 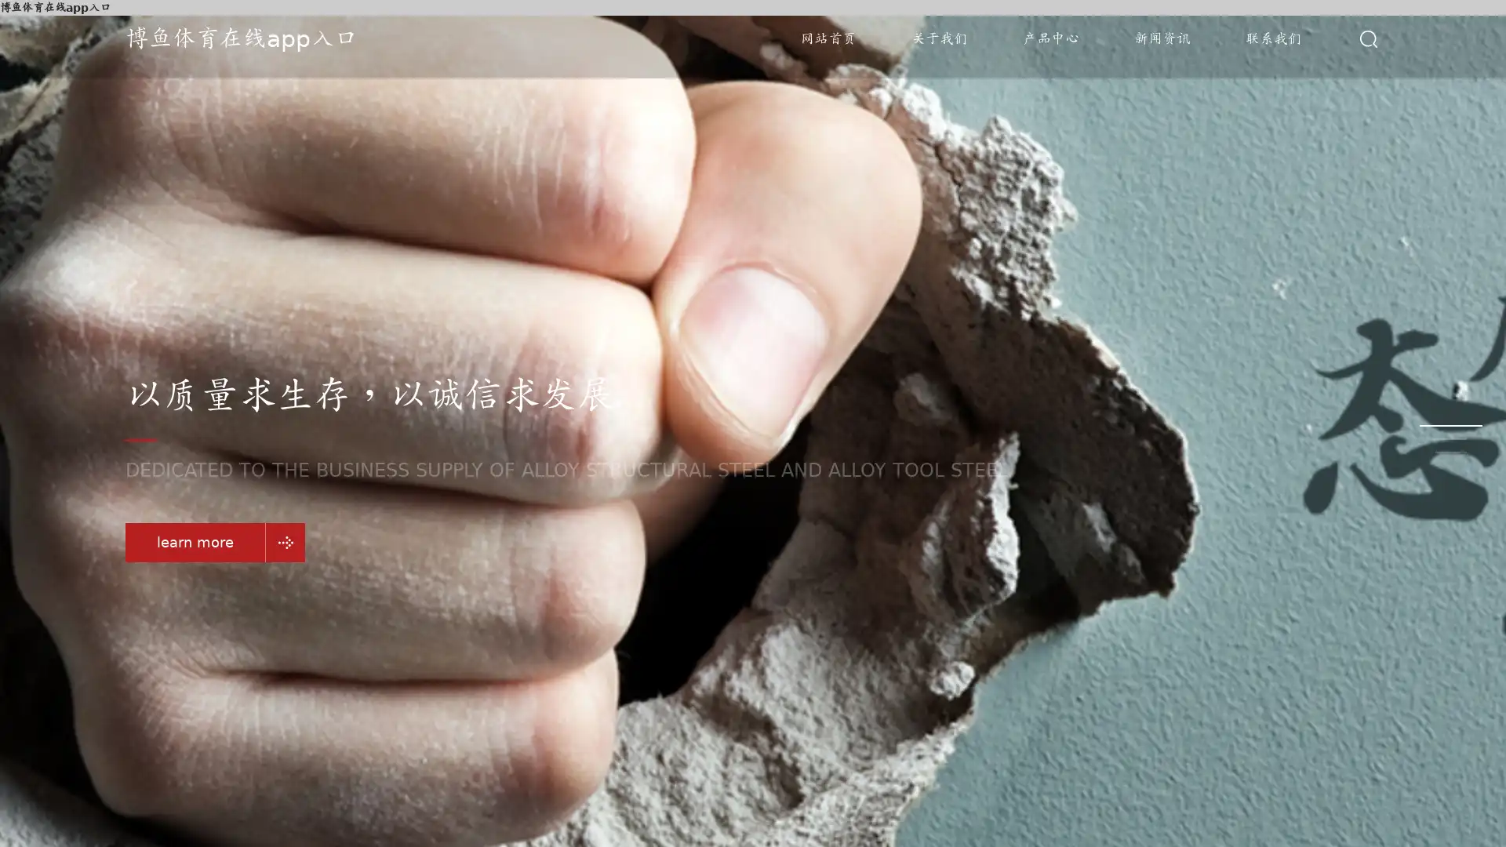 I want to click on Go to slide 1, so click(x=1450, y=426).